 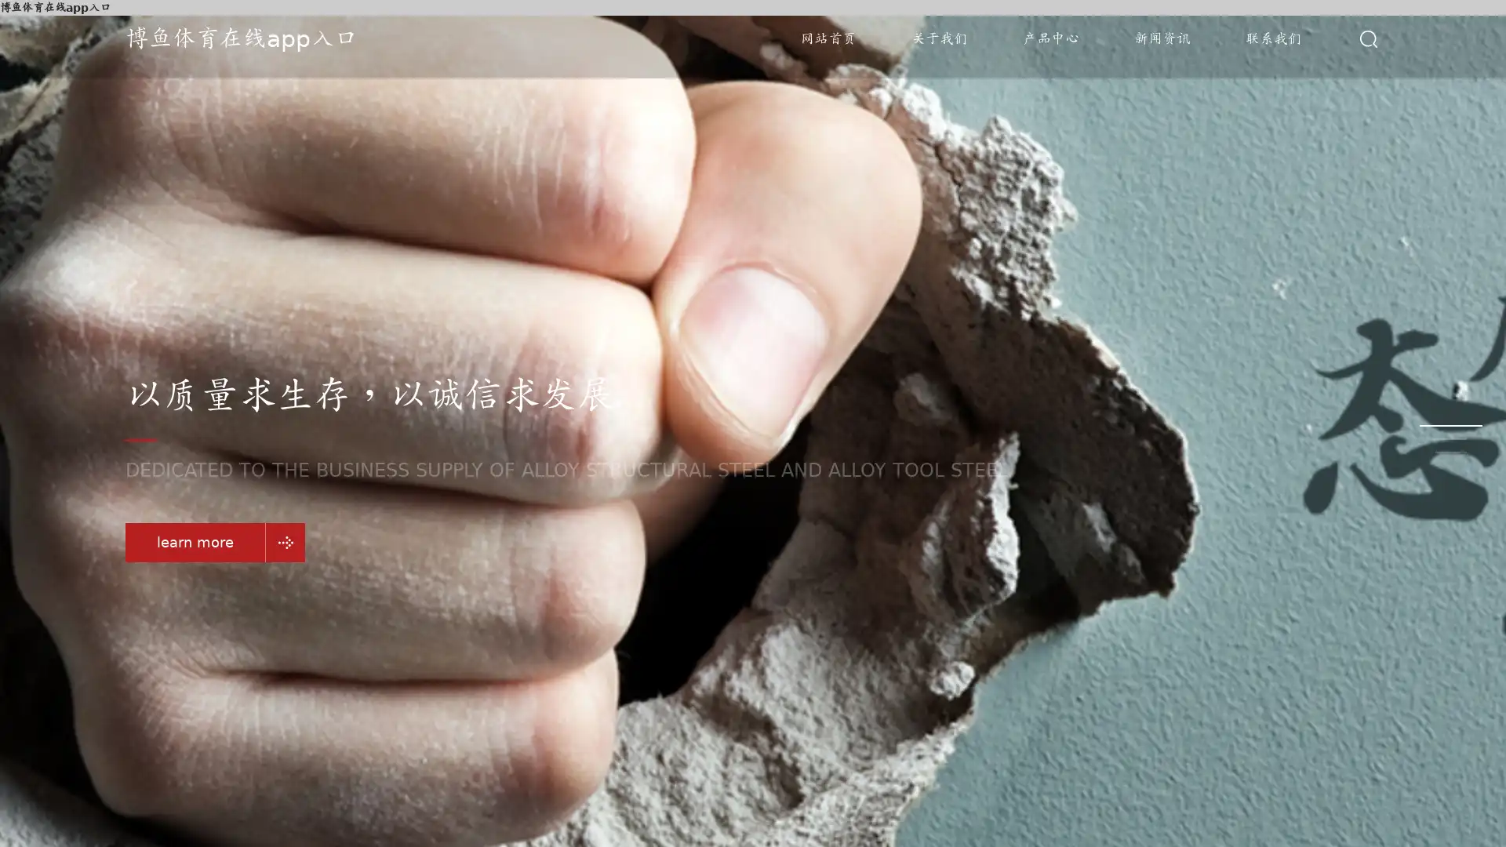 I want to click on Go to slide 1, so click(x=1450, y=426).